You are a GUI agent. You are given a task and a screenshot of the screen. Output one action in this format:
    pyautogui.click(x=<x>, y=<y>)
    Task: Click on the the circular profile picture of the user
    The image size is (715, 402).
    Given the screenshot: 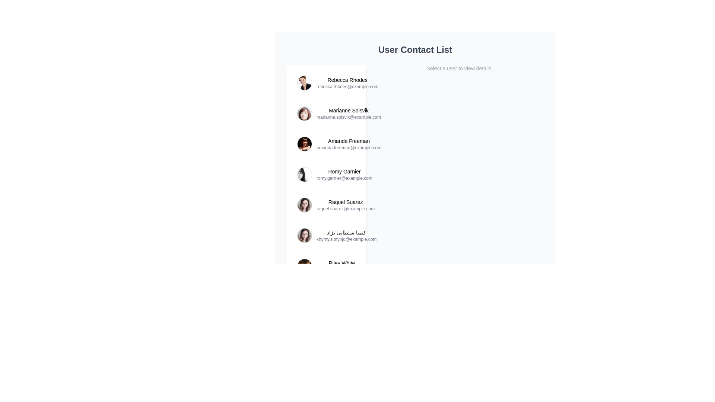 What is the action you would take?
    pyautogui.click(x=304, y=265)
    